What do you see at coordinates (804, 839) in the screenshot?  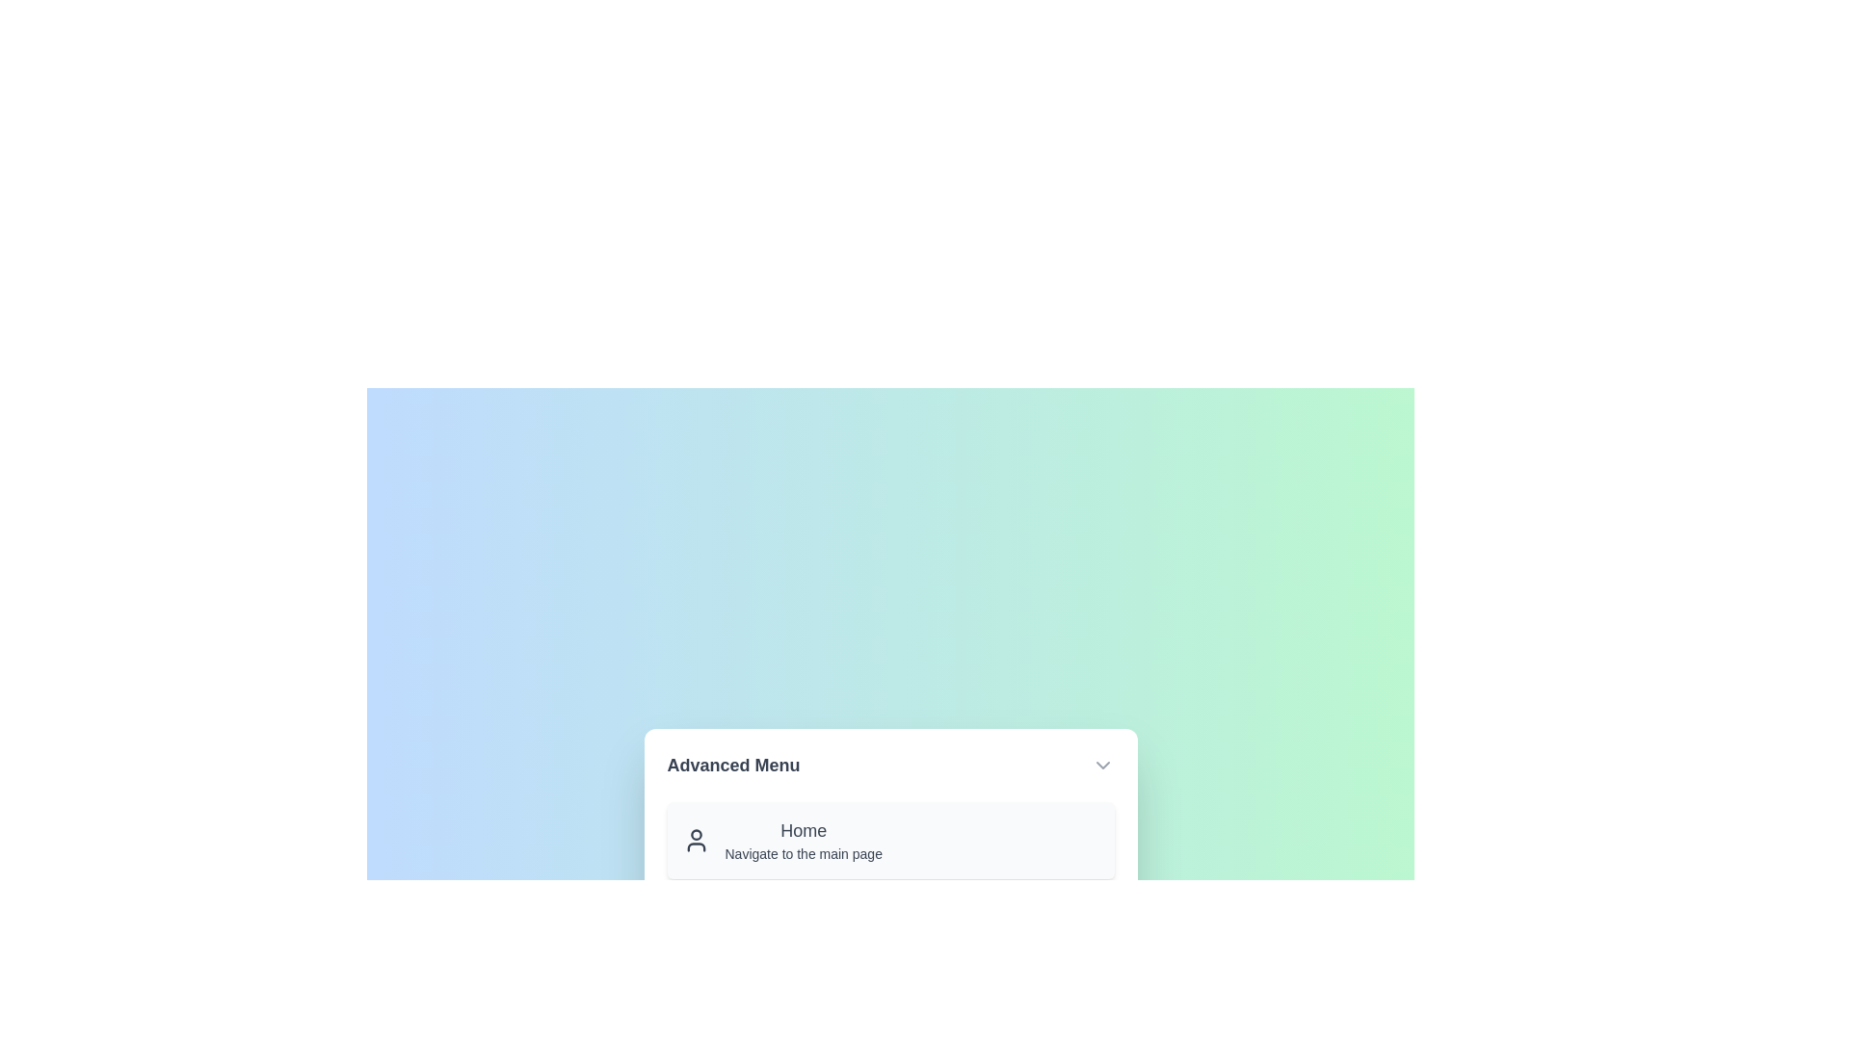 I see `the menu item Home from the menu` at bounding box center [804, 839].